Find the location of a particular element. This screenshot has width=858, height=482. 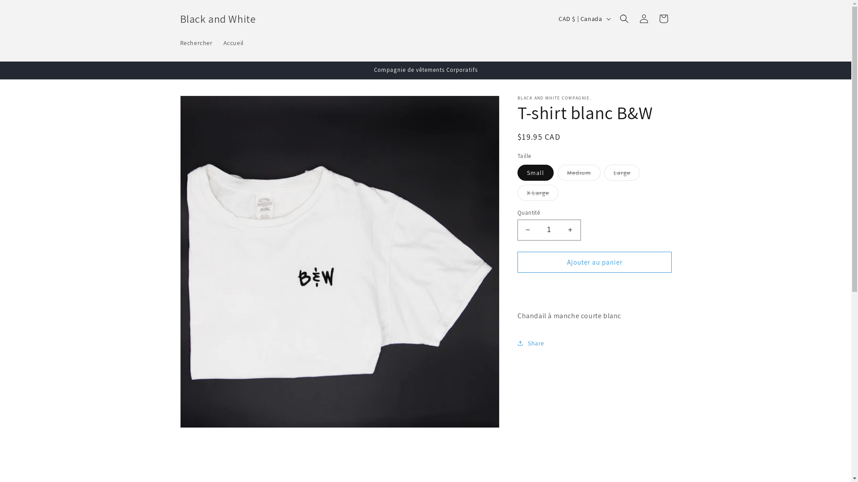

'CAD $ | Canada' is located at coordinates (583, 19).